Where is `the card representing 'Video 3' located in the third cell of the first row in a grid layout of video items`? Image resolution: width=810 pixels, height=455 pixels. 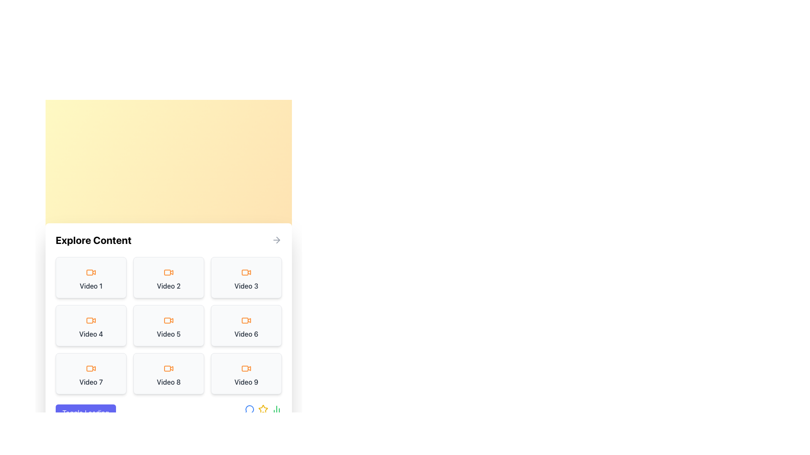 the card representing 'Video 3' located in the third cell of the first row in a grid layout of video items is located at coordinates (246, 278).